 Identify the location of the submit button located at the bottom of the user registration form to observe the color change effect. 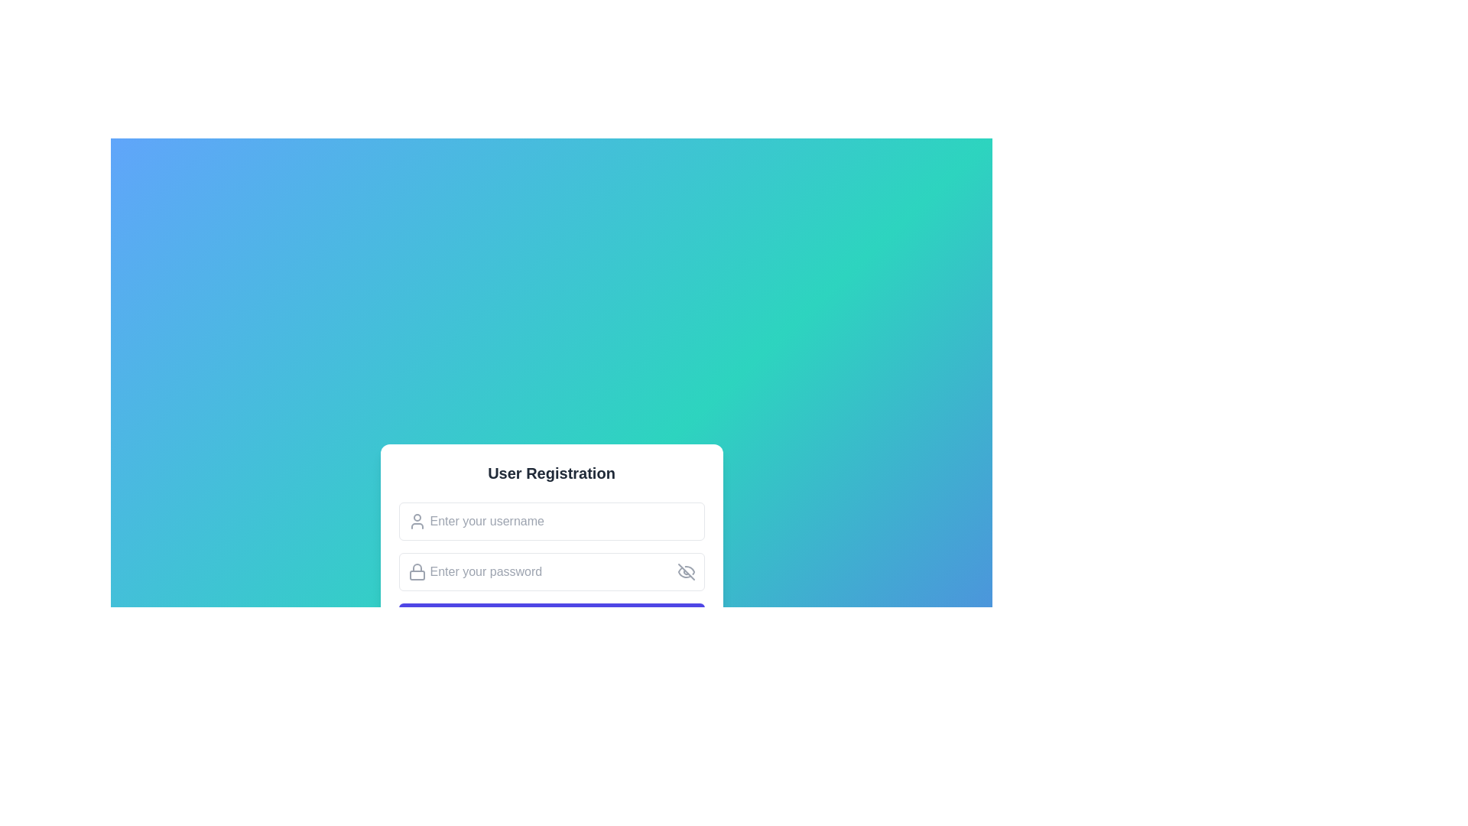
(550, 622).